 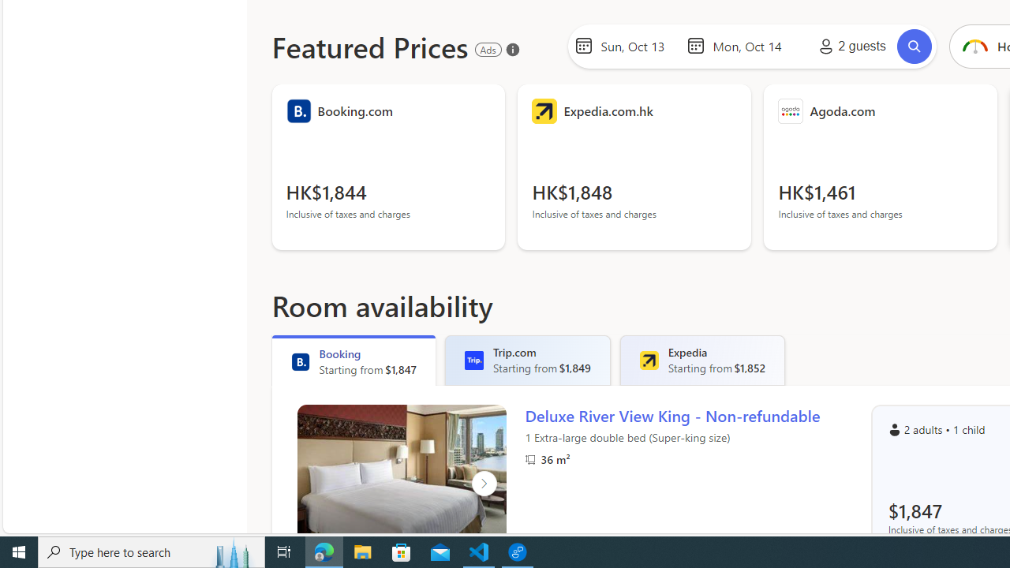 I want to click on 'Booking Booking Starting from $1,847', so click(x=353, y=360).